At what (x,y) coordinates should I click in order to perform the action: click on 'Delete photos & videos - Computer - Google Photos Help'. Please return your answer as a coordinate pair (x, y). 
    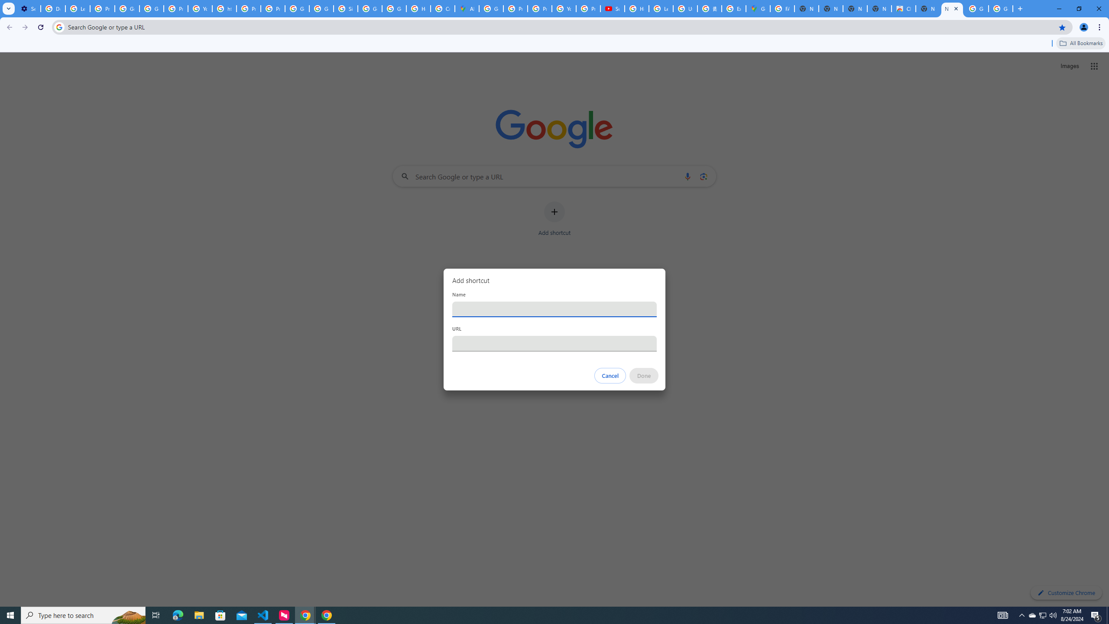
    Looking at the image, I should click on (52, 8).